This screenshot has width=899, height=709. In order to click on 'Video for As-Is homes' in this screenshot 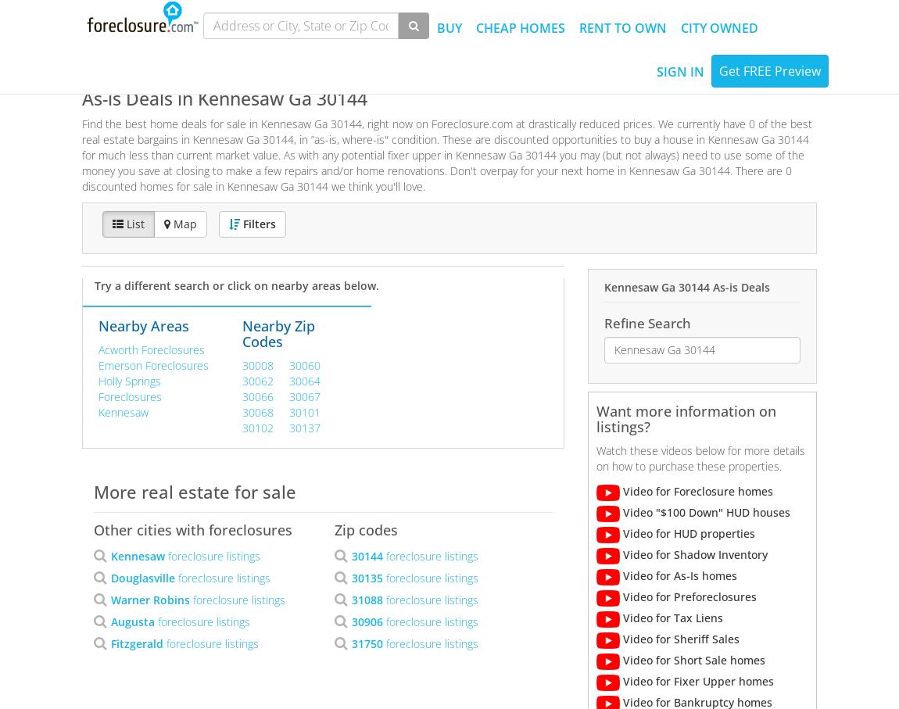, I will do `click(677, 575)`.